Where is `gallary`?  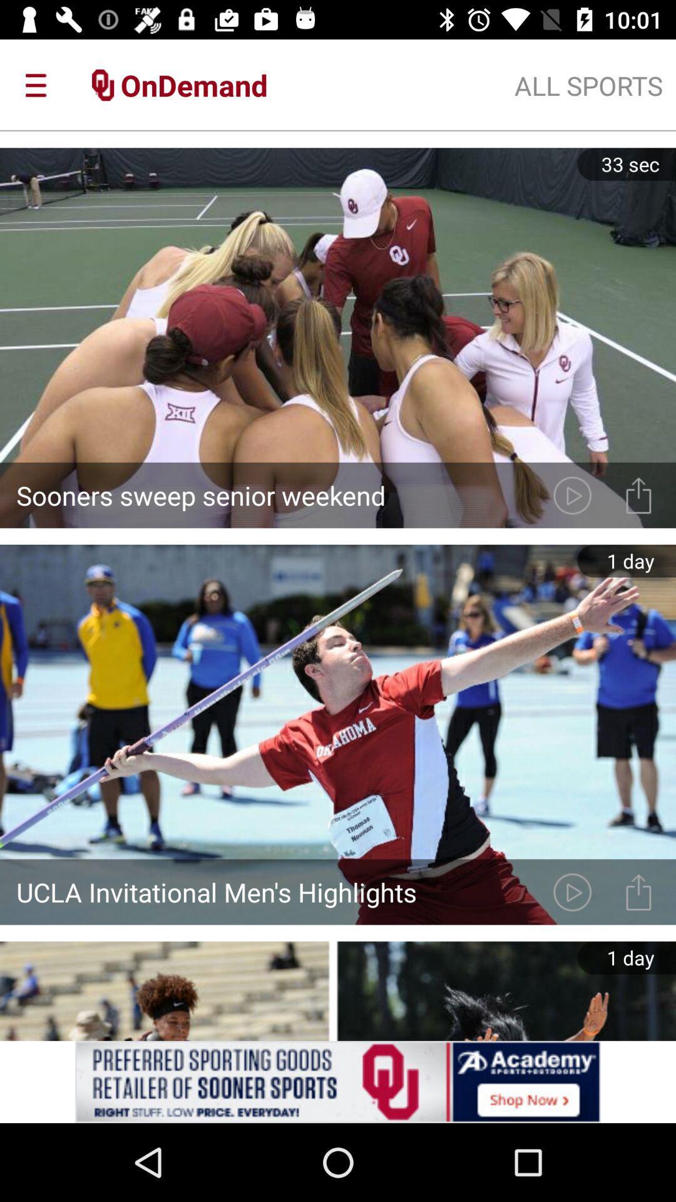
gallary is located at coordinates (638, 891).